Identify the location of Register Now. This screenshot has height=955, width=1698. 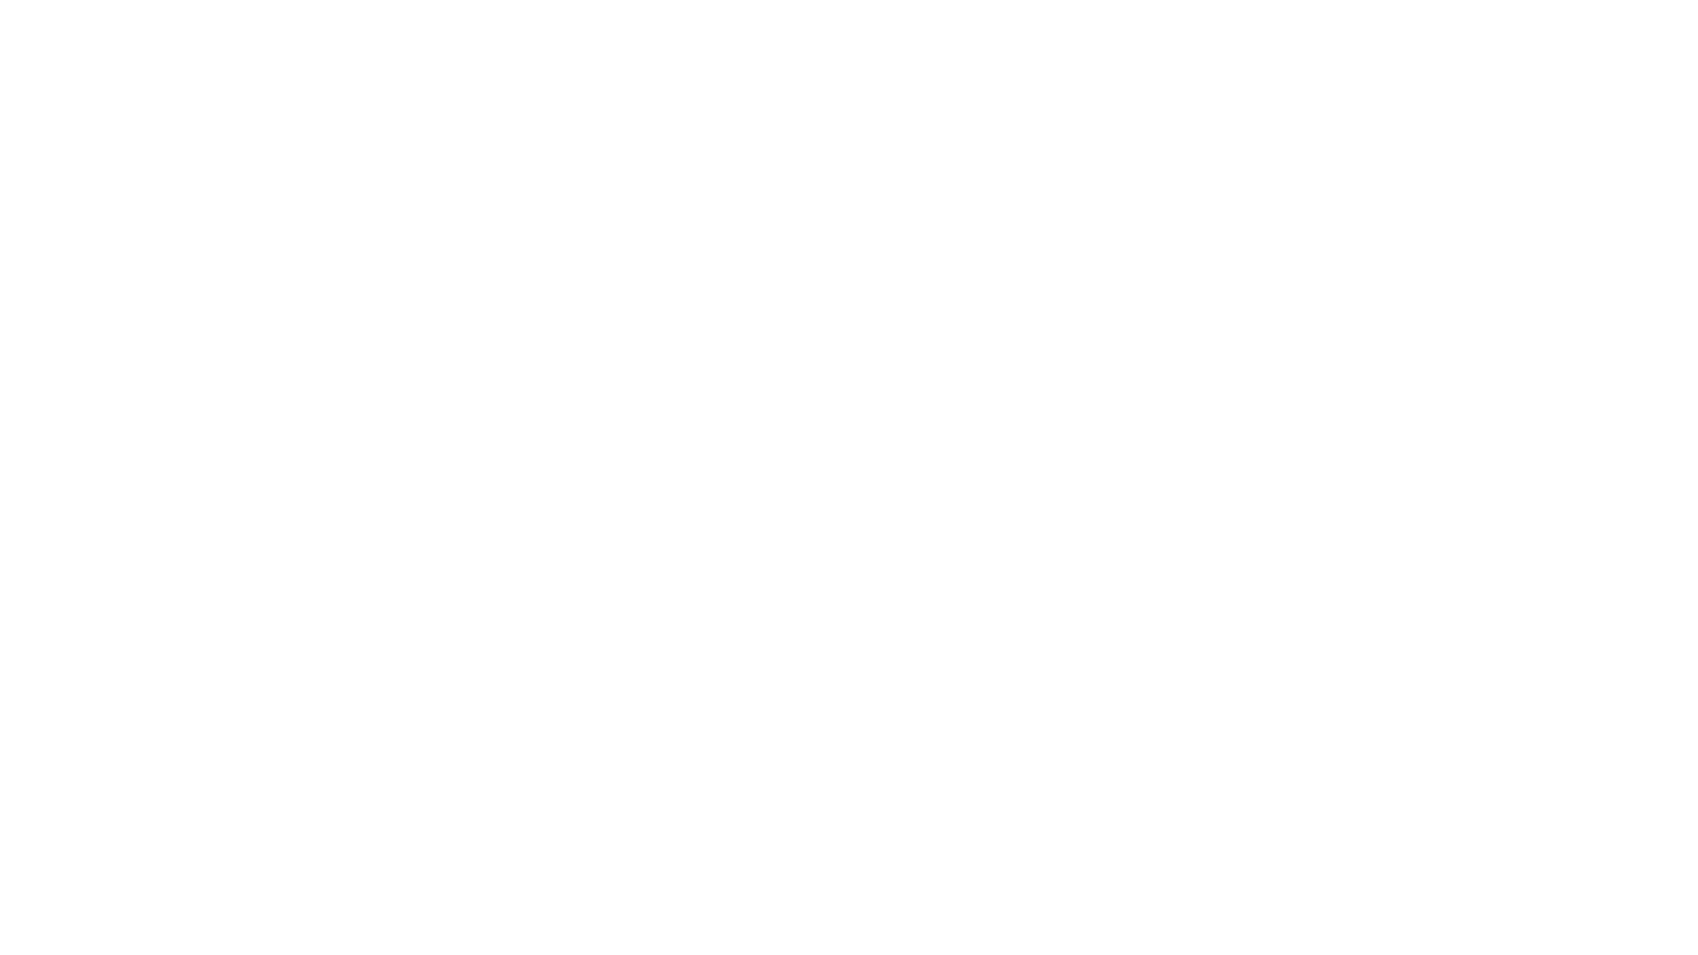
(1189, 746).